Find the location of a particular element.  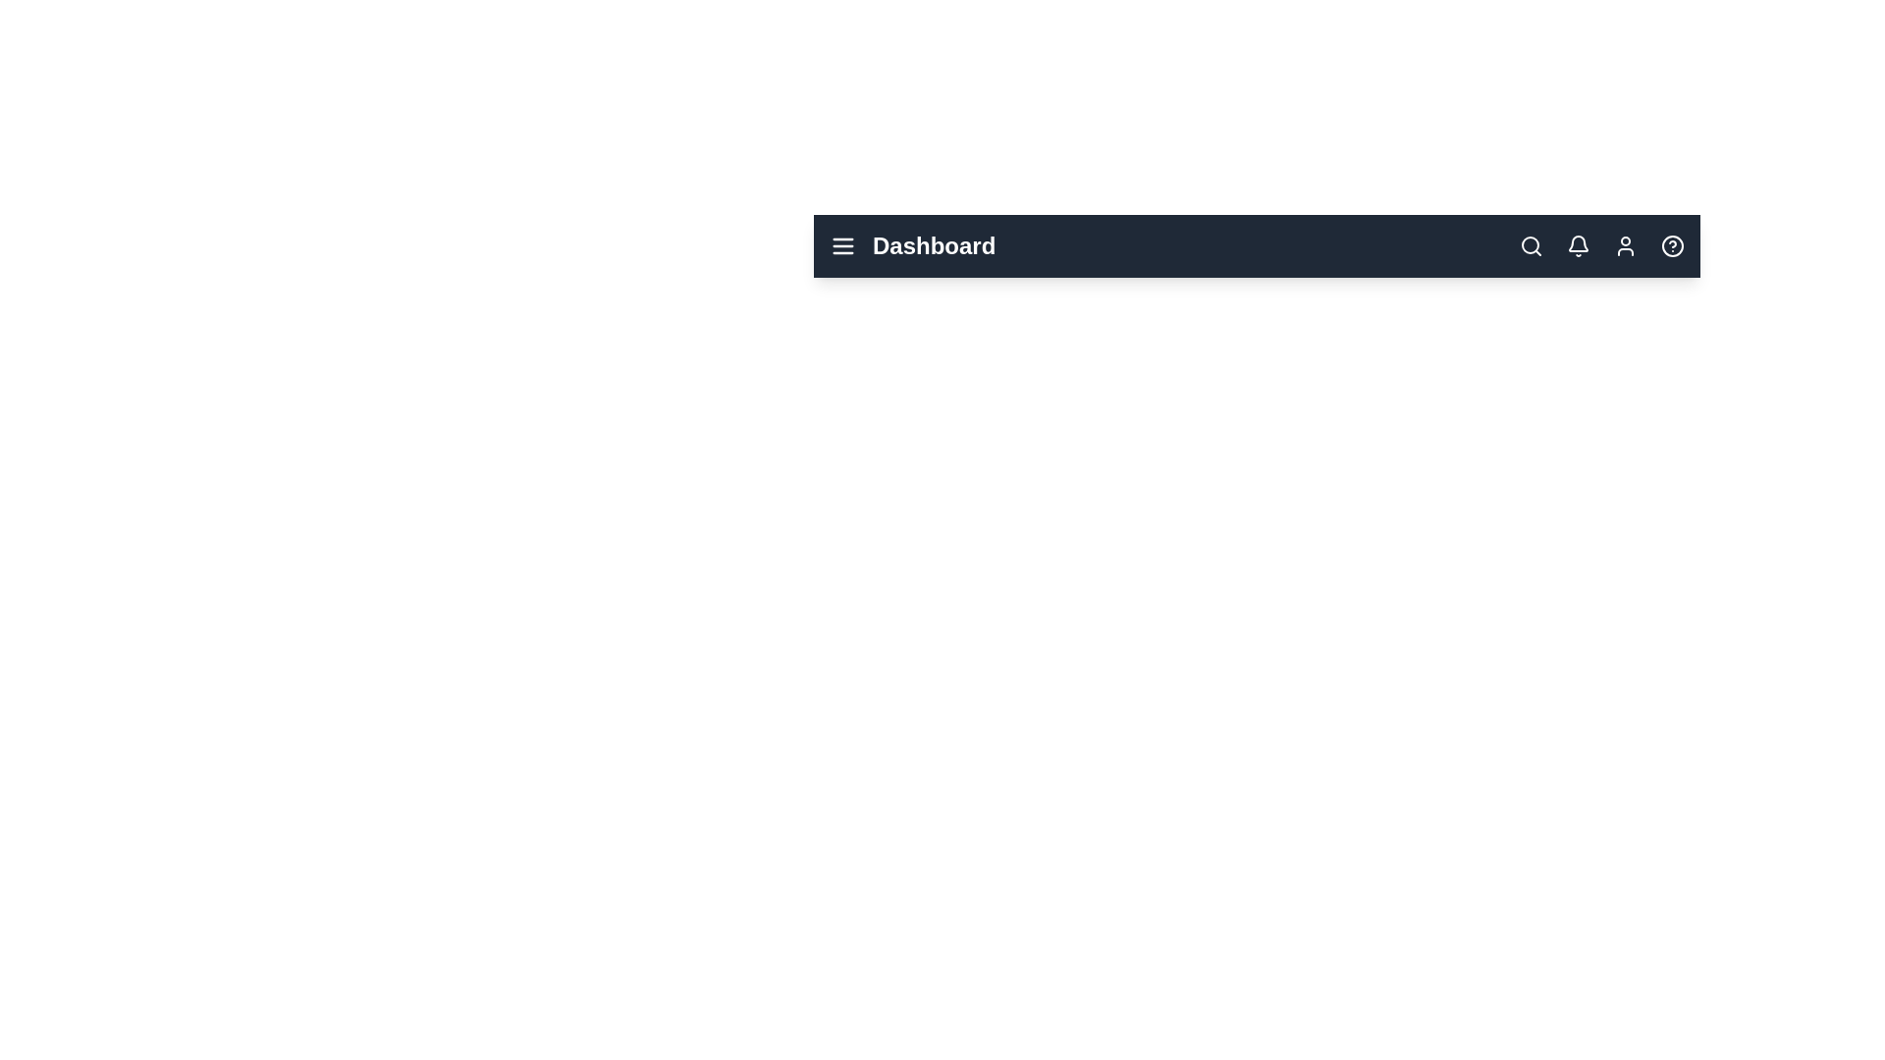

the user icon to access user-related actions is located at coordinates (1626, 244).